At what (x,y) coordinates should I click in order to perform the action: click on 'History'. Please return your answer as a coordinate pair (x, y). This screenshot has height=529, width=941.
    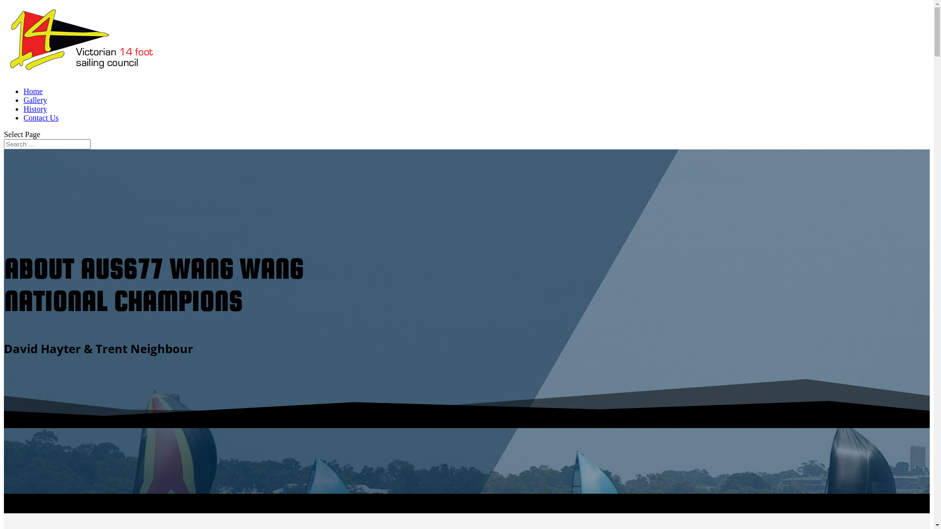
    Looking at the image, I should click on (35, 109).